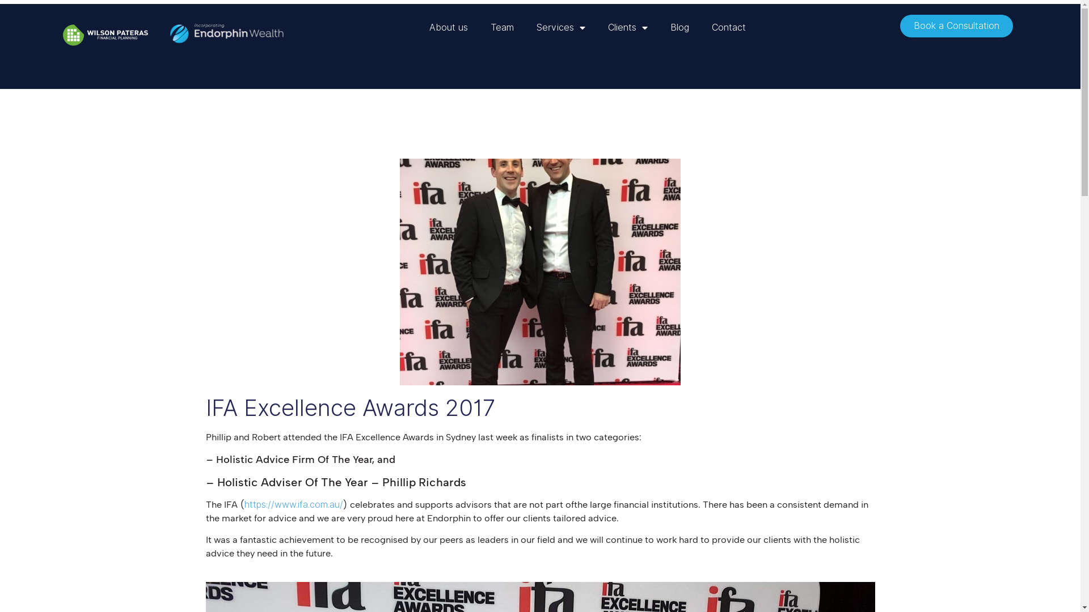 This screenshot has width=1089, height=612. What do you see at coordinates (956, 25) in the screenshot?
I see `'Book a Consultation'` at bounding box center [956, 25].